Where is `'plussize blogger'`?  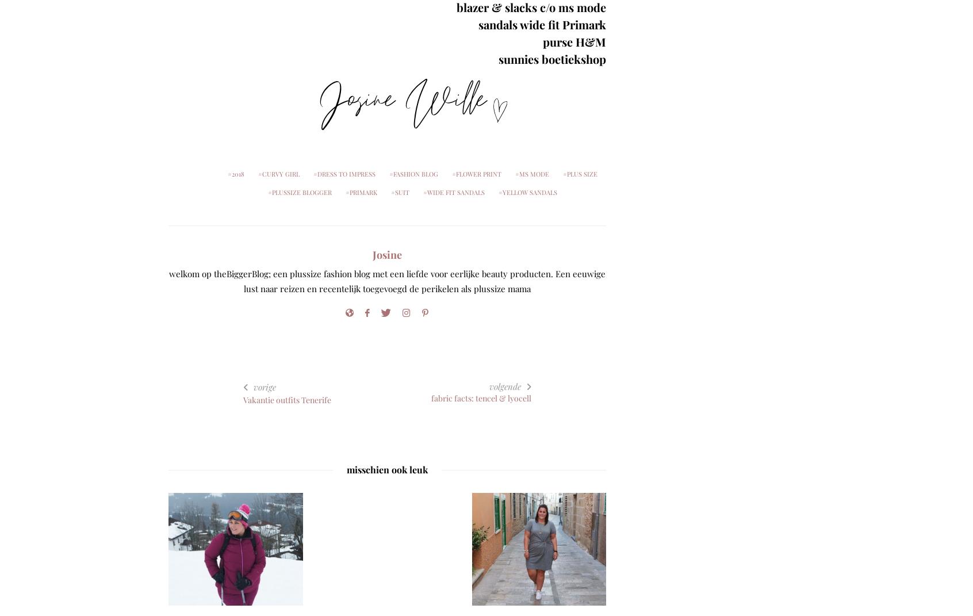 'plussize blogger' is located at coordinates (301, 192).